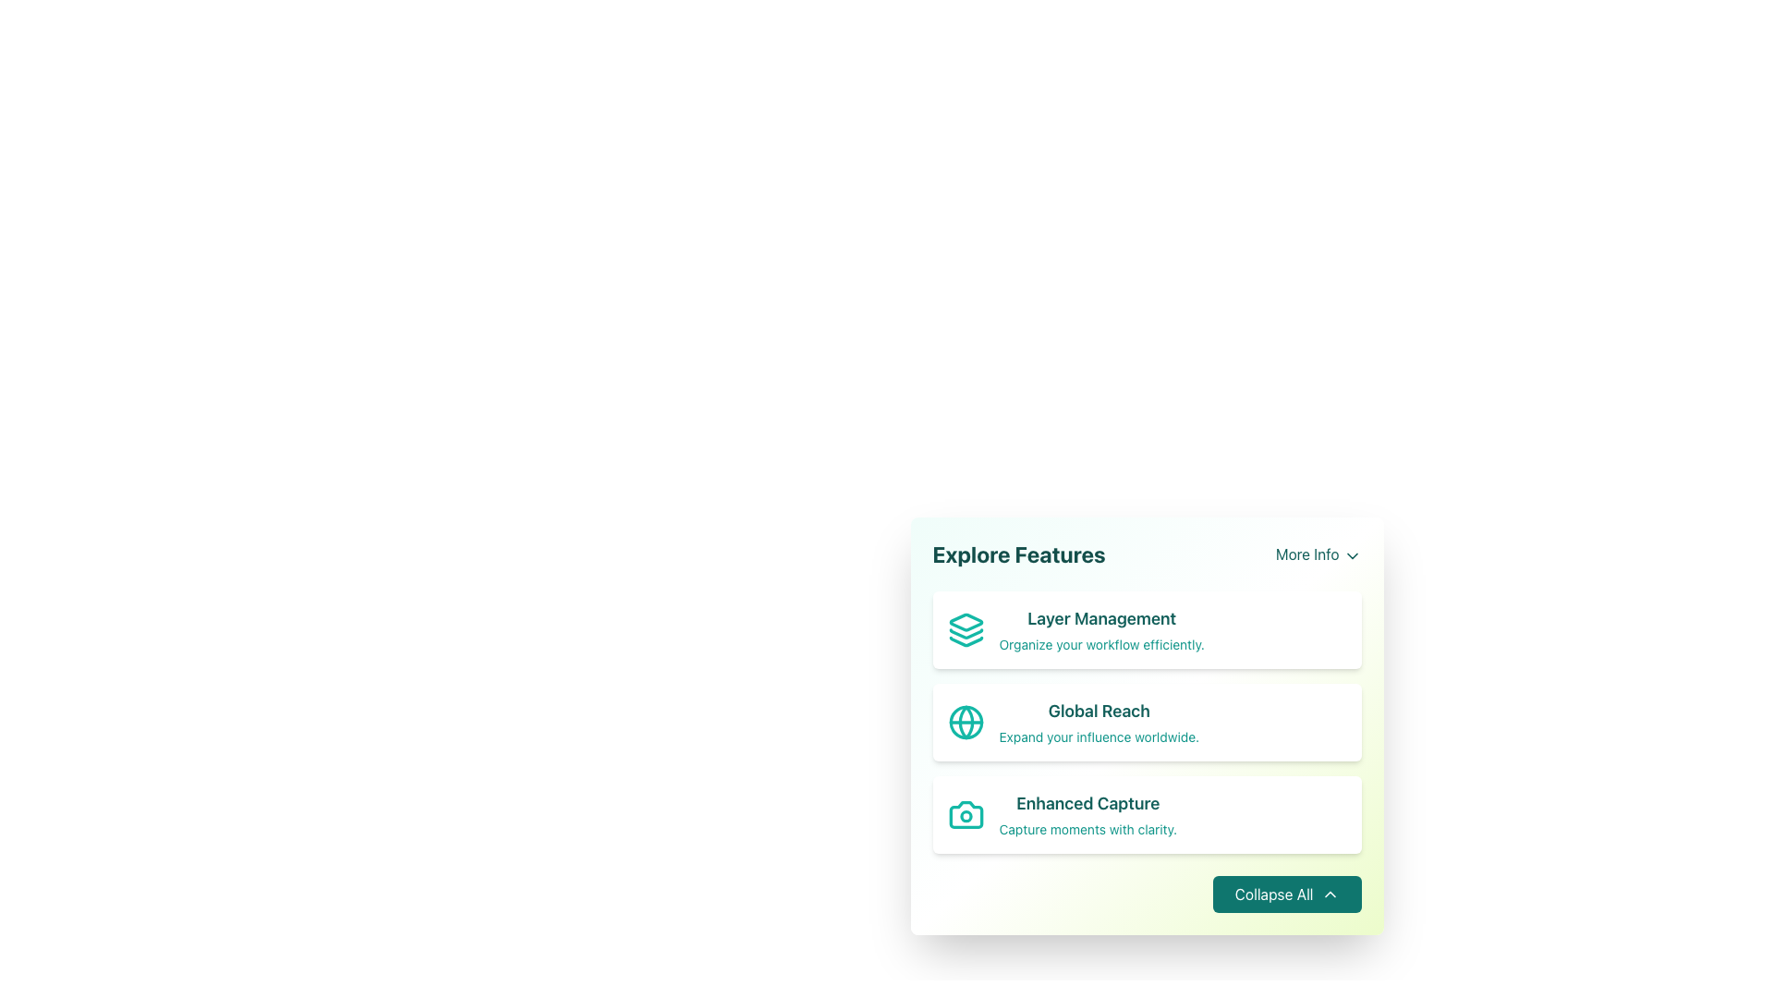 The image size is (1774, 998). Describe the element at coordinates (1318, 554) in the screenshot. I see `the 'More Info' textual link styled in teal color, located to the right of the 'Explore Features' title, to observe the styling change` at that location.